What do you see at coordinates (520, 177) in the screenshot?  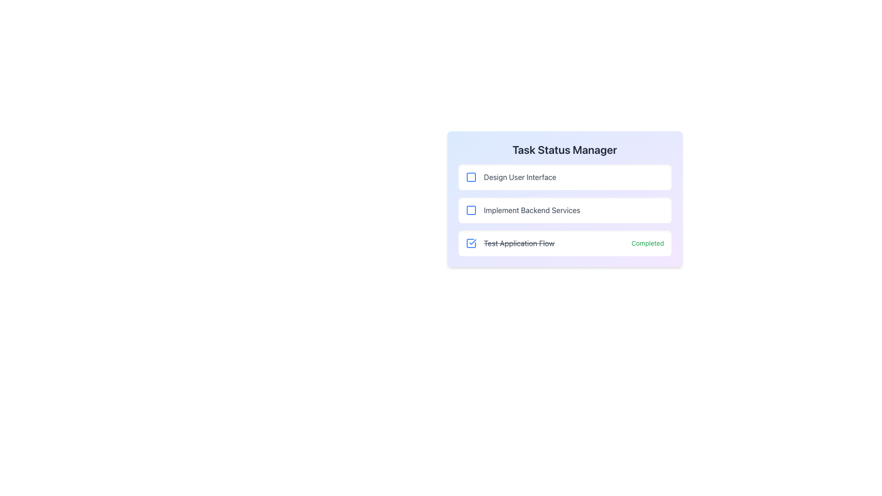 I see `the checkbox associated with the first task label in the task management interface to mark the task as completed` at bounding box center [520, 177].